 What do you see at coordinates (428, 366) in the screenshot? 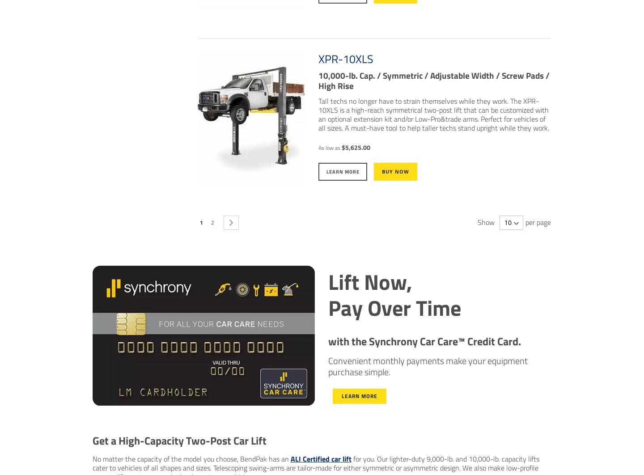
I see `'Convenient monthly payments make your equipment purchase simple.'` at bounding box center [428, 366].